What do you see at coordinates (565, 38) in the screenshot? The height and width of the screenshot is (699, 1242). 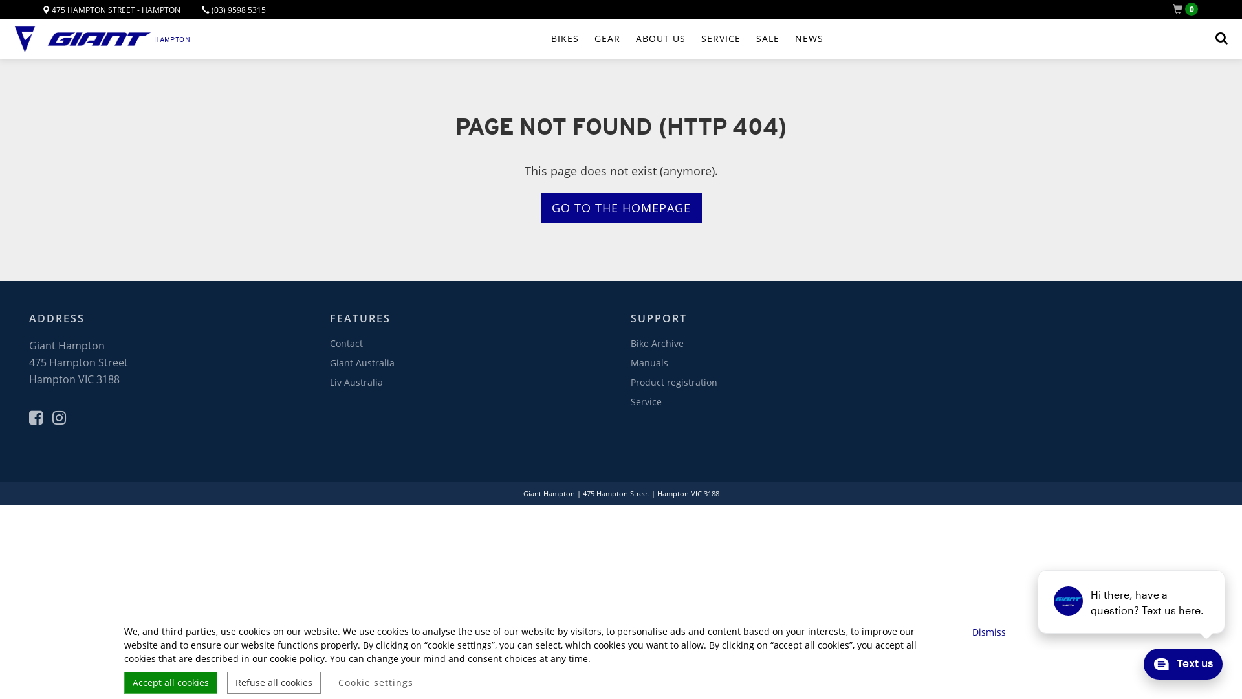 I see `'BIKES'` at bounding box center [565, 38].